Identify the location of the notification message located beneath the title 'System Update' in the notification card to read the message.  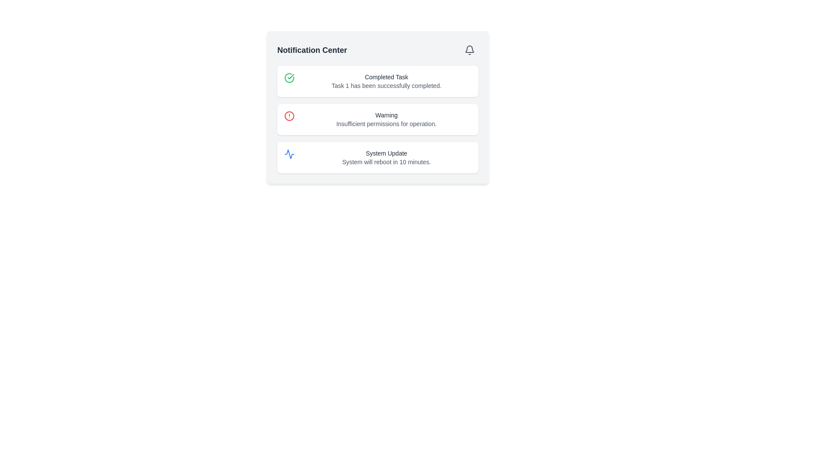
(386, 162).